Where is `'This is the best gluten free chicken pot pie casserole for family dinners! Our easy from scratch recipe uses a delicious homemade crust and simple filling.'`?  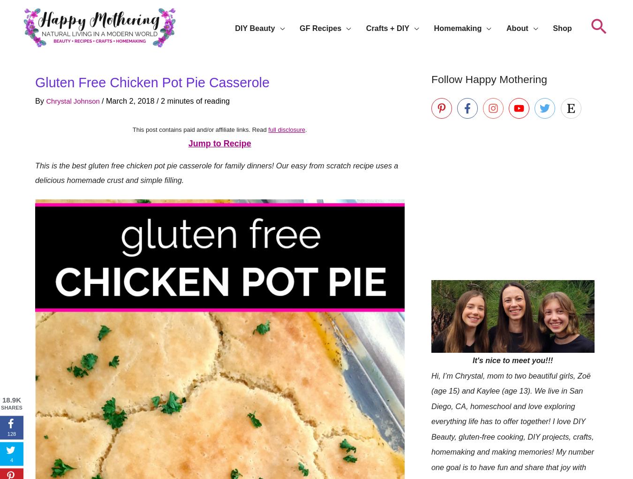
'This is the best gluten free chicken pot pie casserole for family dinners! Our easy from scratch recipe uses a delicious homemade crust and simple filling.' is located at coordinates (216, 172).